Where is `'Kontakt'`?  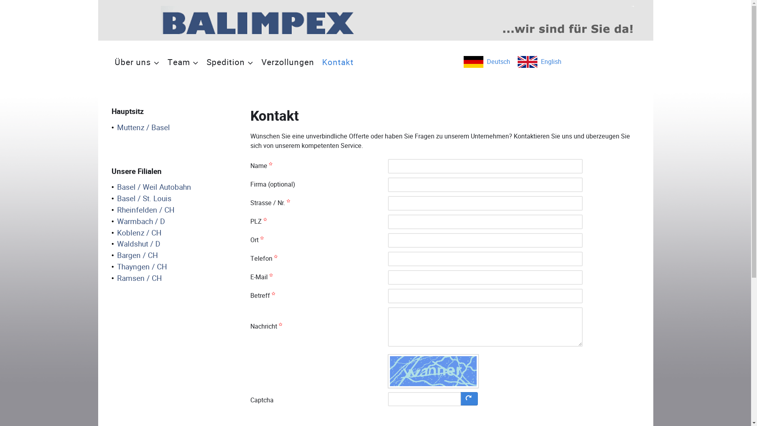 'Kontakt' is located at coordinates (337, 62).